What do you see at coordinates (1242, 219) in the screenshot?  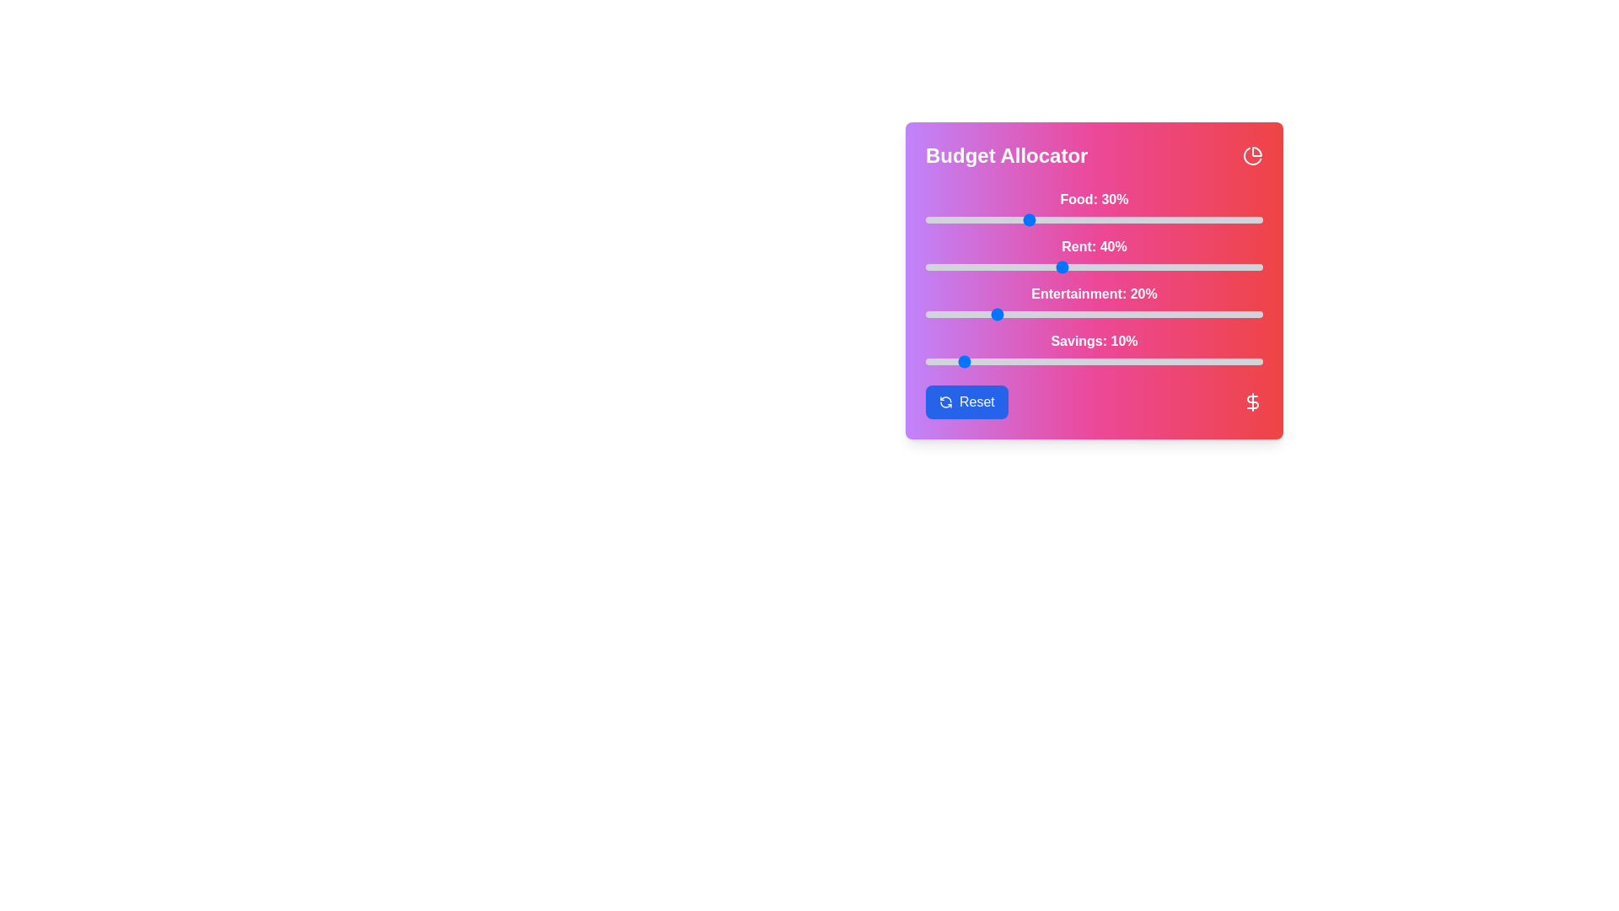 I see `'Food' slider` at bounding box center [1242, 219].